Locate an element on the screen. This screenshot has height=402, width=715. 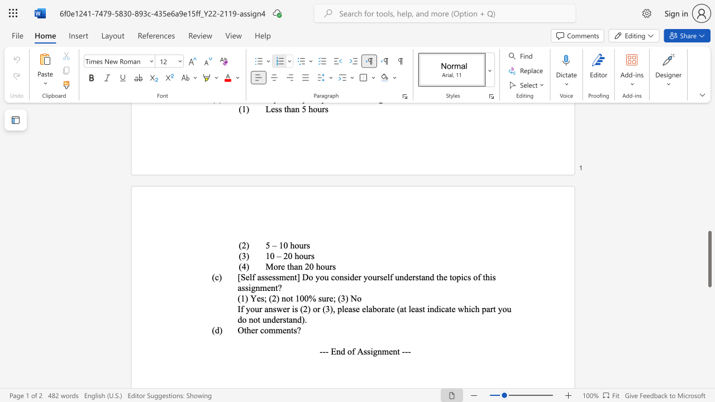
the 1th character "f" in the text is located at coordinates (352, 351).